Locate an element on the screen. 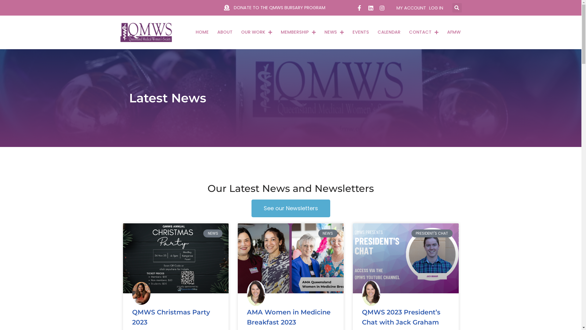 This screenshot has height=330, width=586. 'CALENDAR' is located at coordinates (389, 32).